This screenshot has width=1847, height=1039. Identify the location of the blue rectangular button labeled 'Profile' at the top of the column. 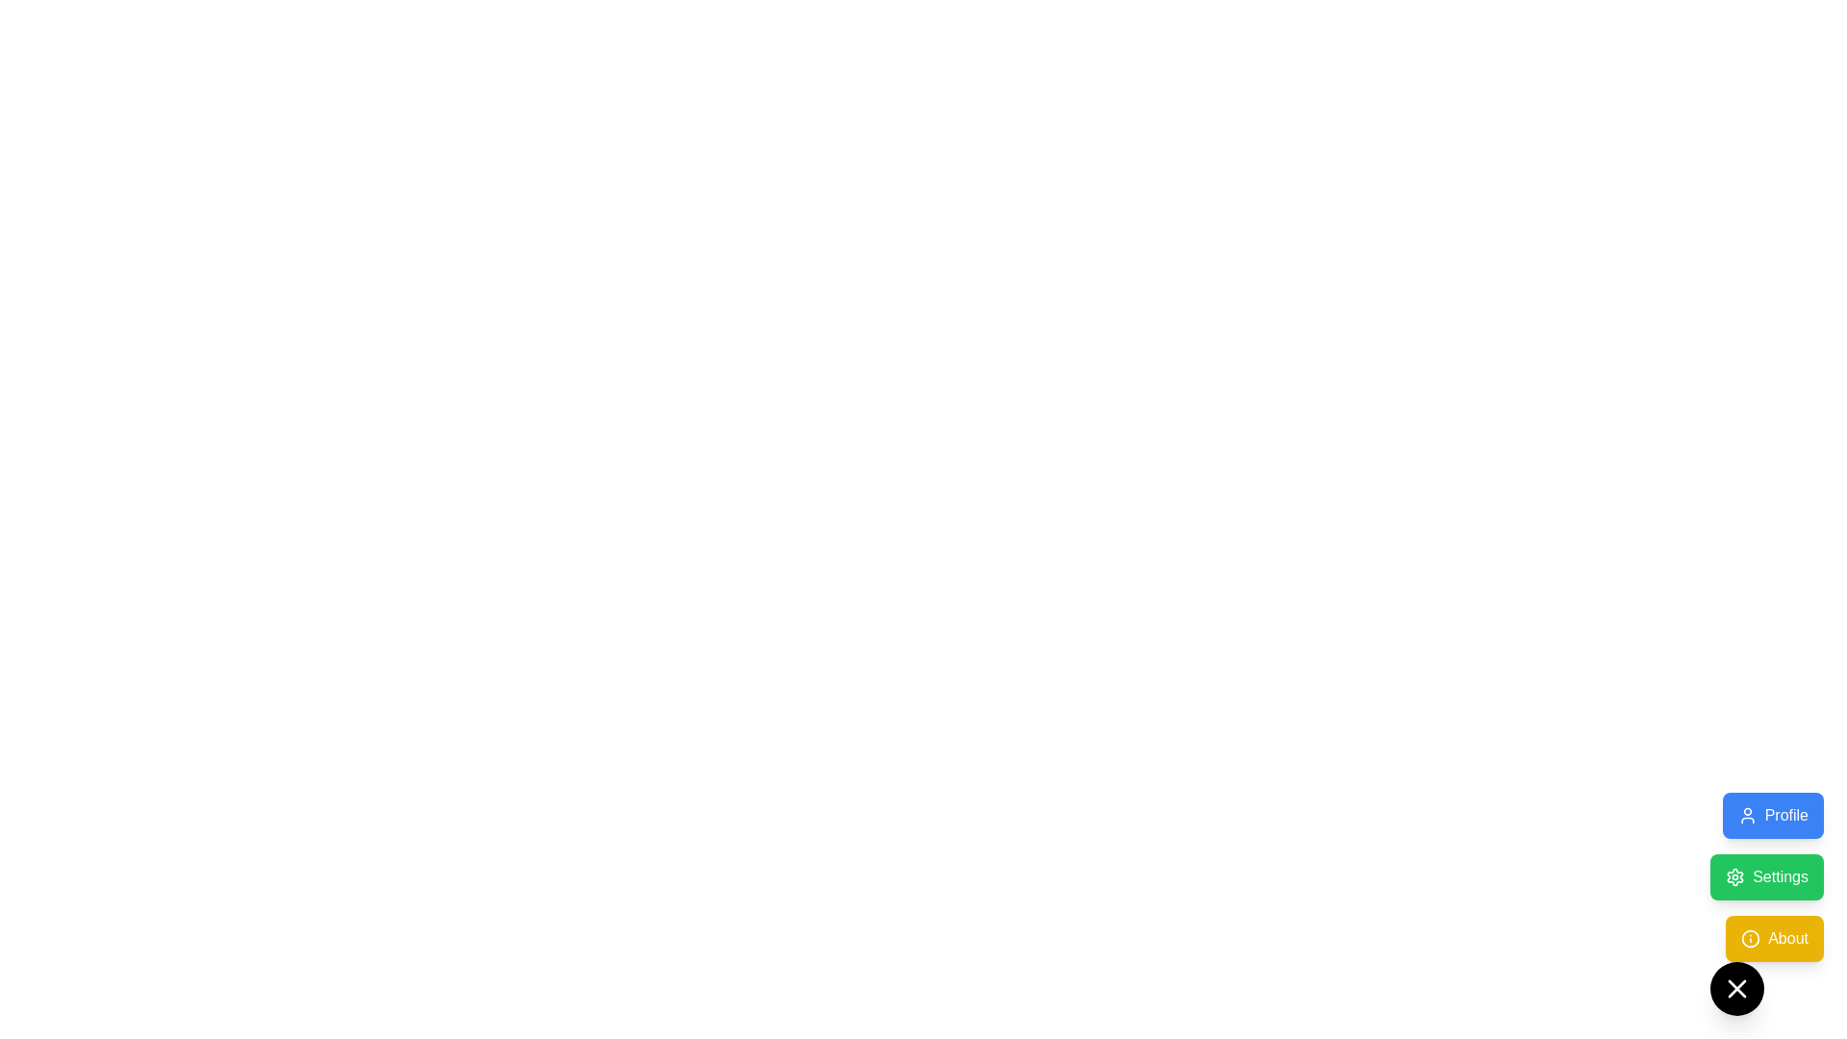
(1772, 816).